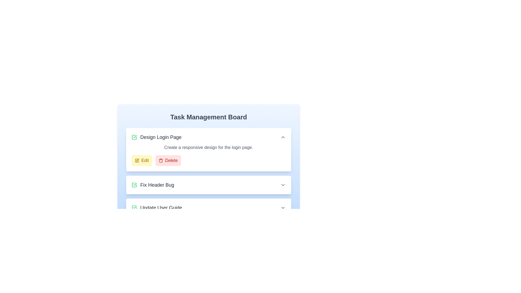 This screenshot has height=293, width=521. I want to click on the task with title 'Fix Header Bug', so click(152, 185).